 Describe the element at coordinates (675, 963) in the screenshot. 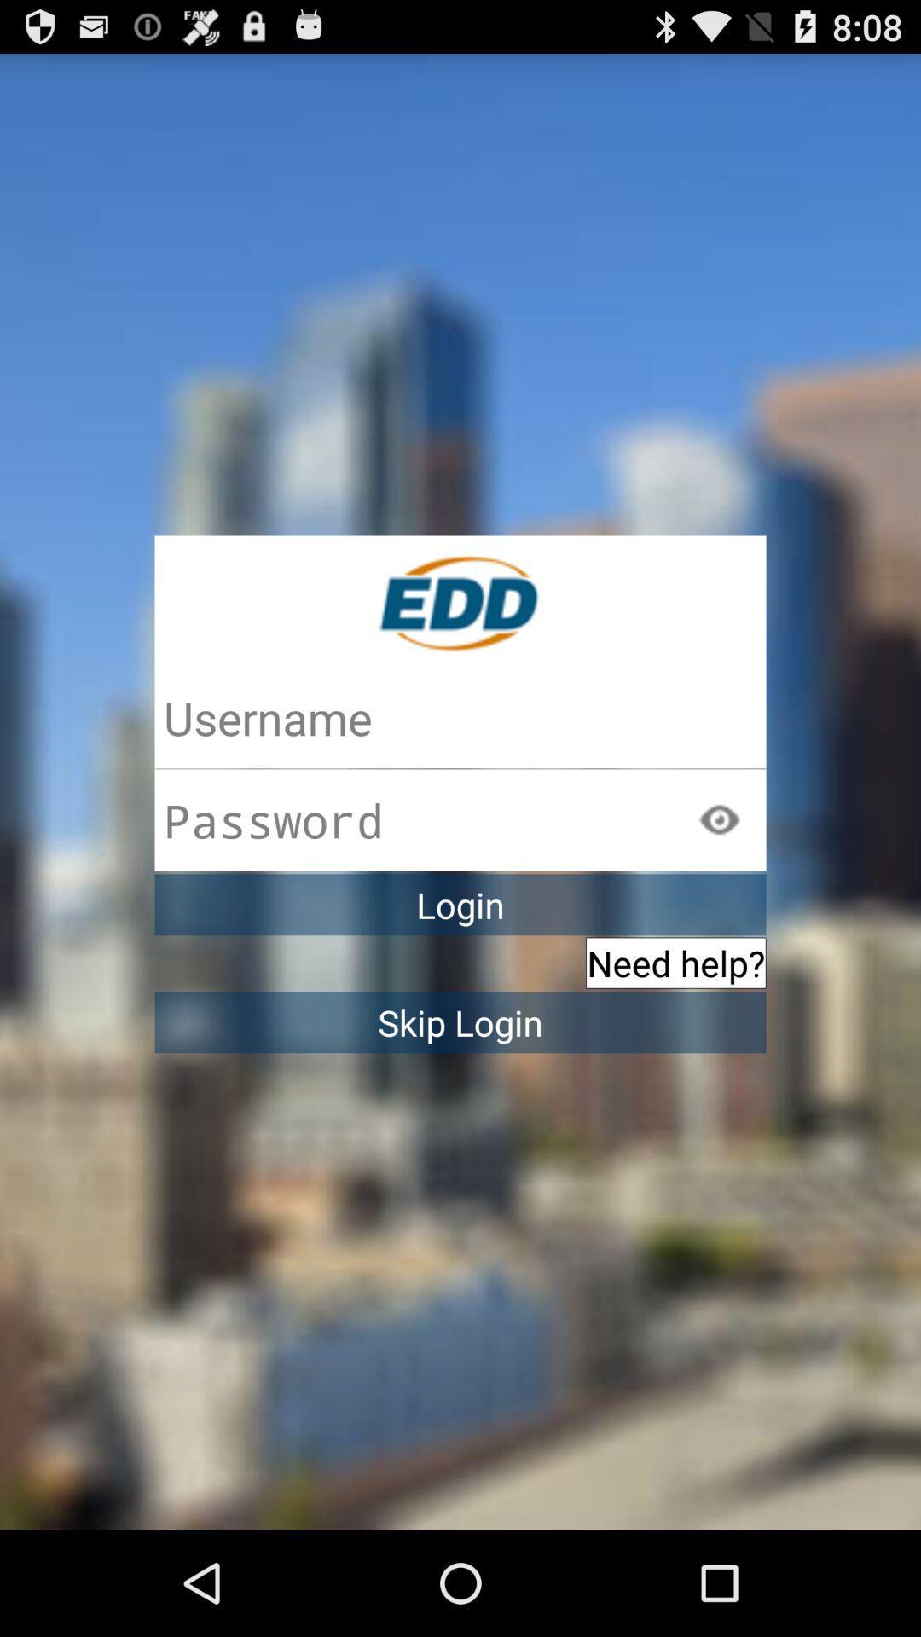

I see `the need help? app` at that location.